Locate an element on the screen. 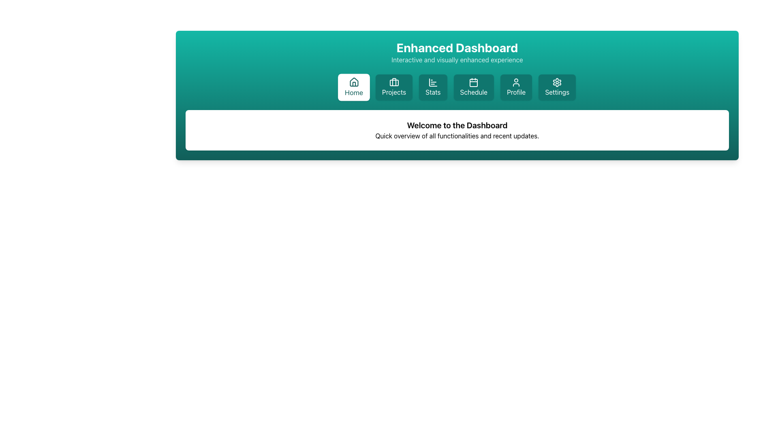 This screenshot has width=778, height=437. the 'Stats' button, which is the third button from the left in a horizontal series of six buttons is located at coordinates (432, 87).